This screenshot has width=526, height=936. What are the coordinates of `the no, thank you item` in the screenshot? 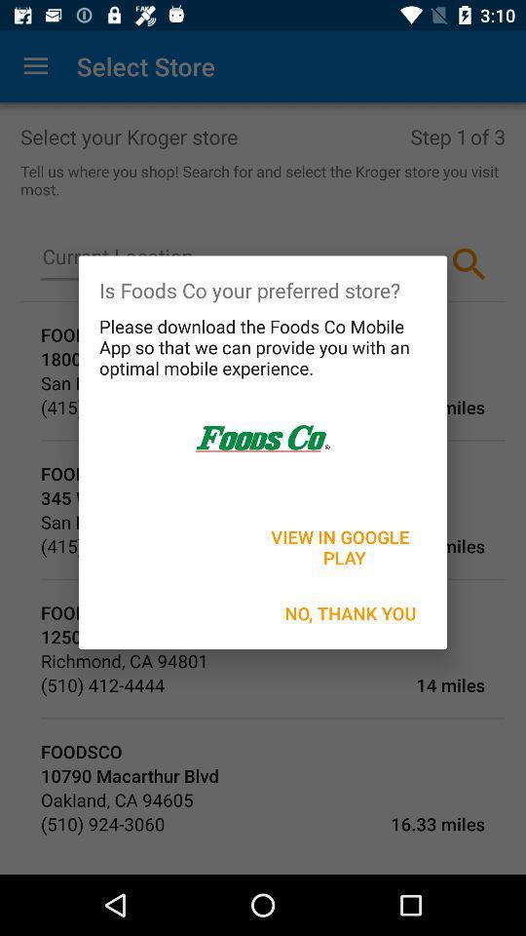 It's located at (350, 612).